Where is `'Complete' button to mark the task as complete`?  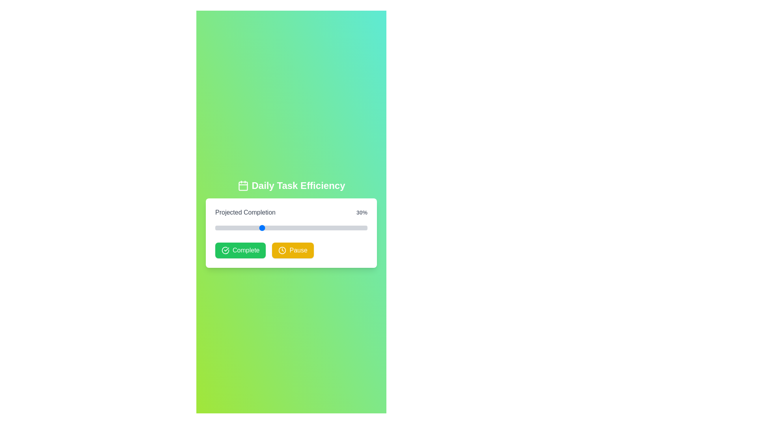 'Complete' button to mark the task as complete is located at coordinates (240, 250).